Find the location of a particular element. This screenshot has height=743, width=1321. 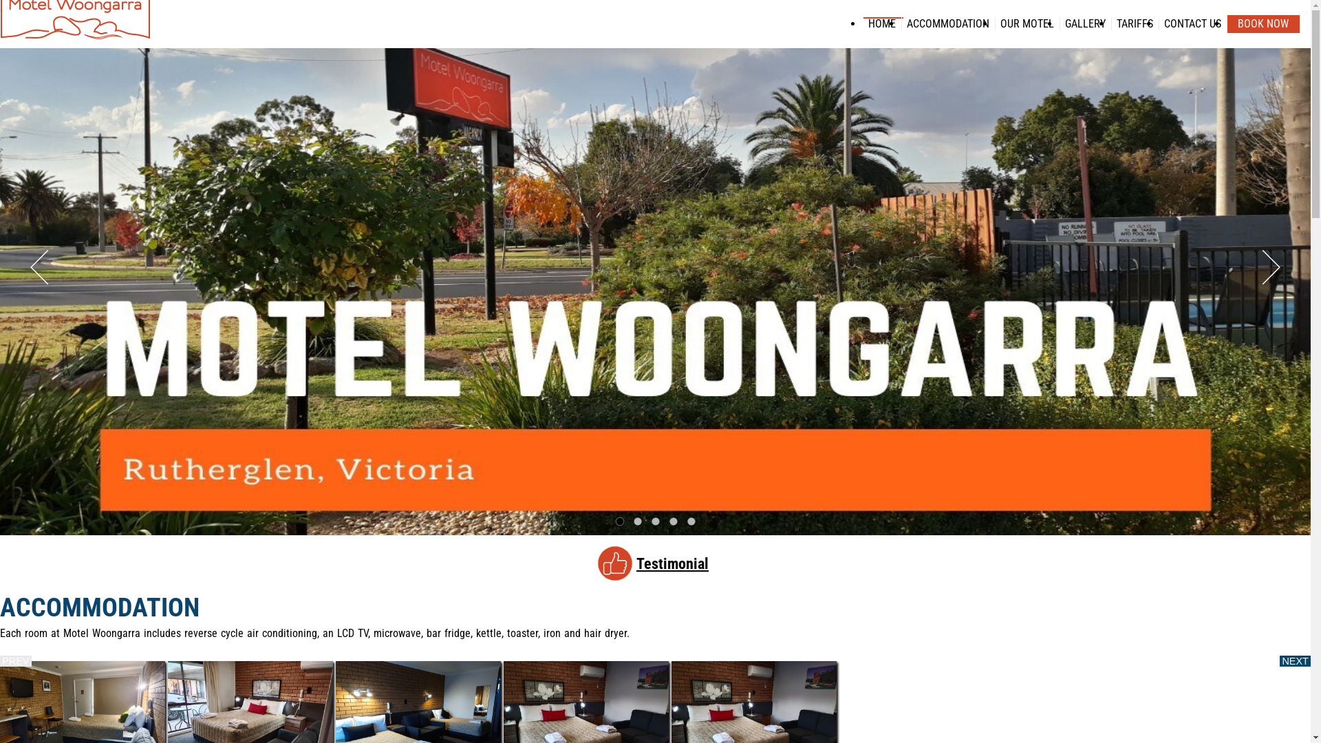

'NEXT' is located at coordinates (1294, 660).